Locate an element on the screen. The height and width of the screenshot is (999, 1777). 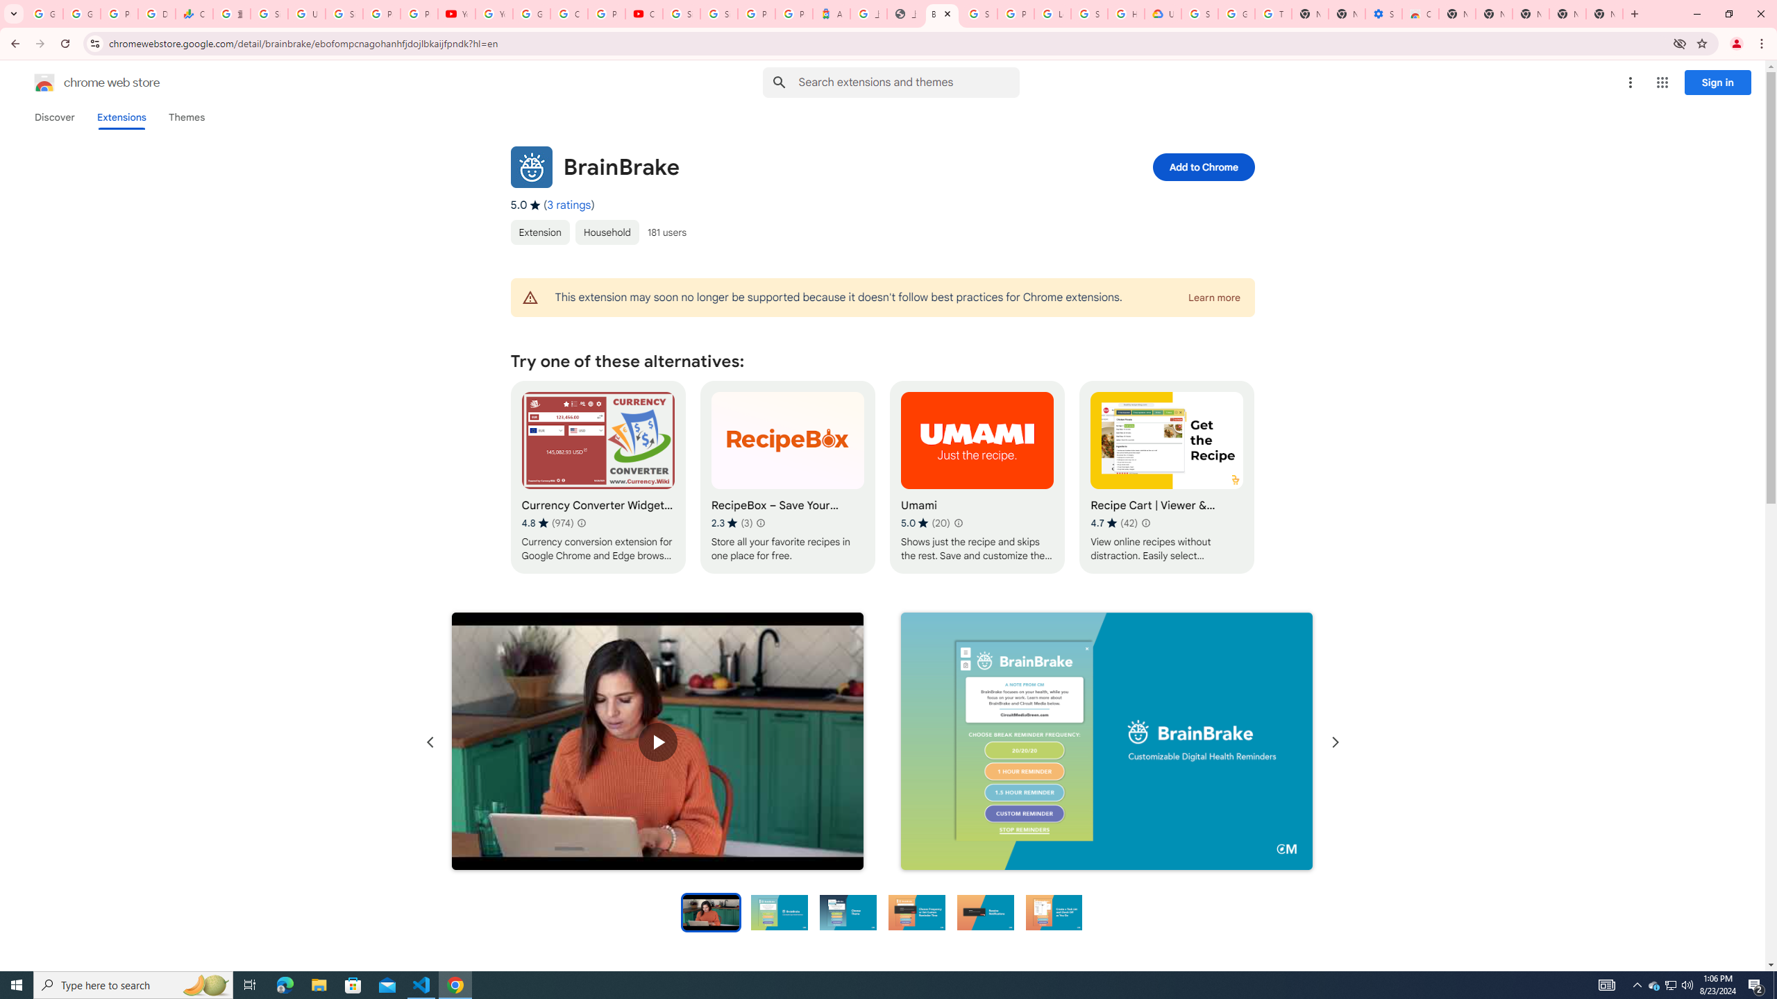
'Sign in - Google Accounts' is located at coordinates (682, 13).